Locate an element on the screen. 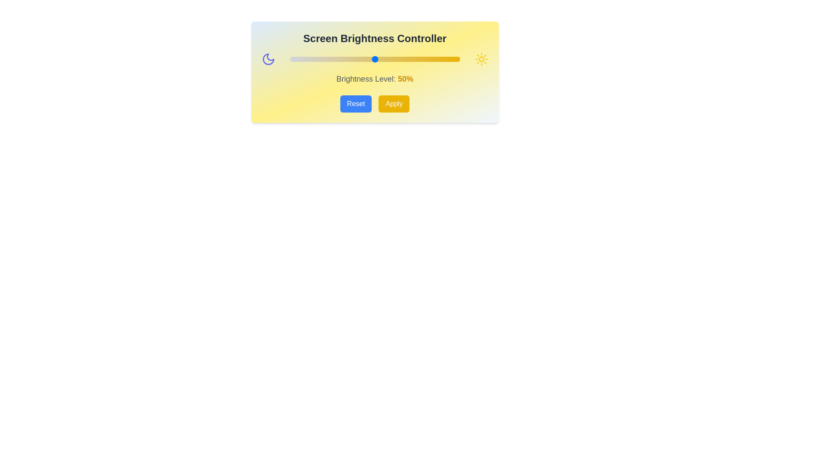 This screenshot has height=464, width=825. the brightness slider to set the brightness level to 47% is located at coordinates (370, 59).